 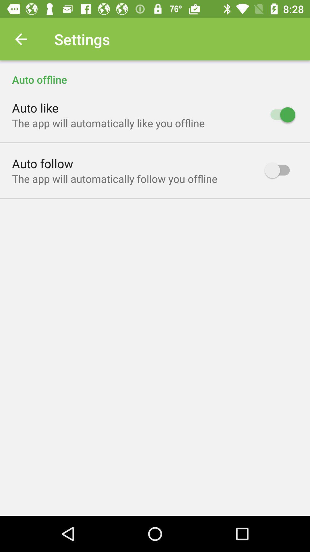 What do you see at coordinates (35, 108) in the screenshot?
I see `auto like icon` at bounding box center [35, 108].